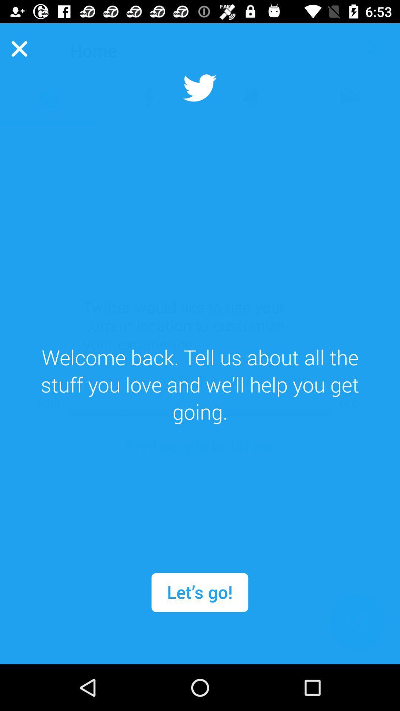 The width and height of the screenshot is (400, 711). I want to click on the item at the top left corner, so click(19, 48).